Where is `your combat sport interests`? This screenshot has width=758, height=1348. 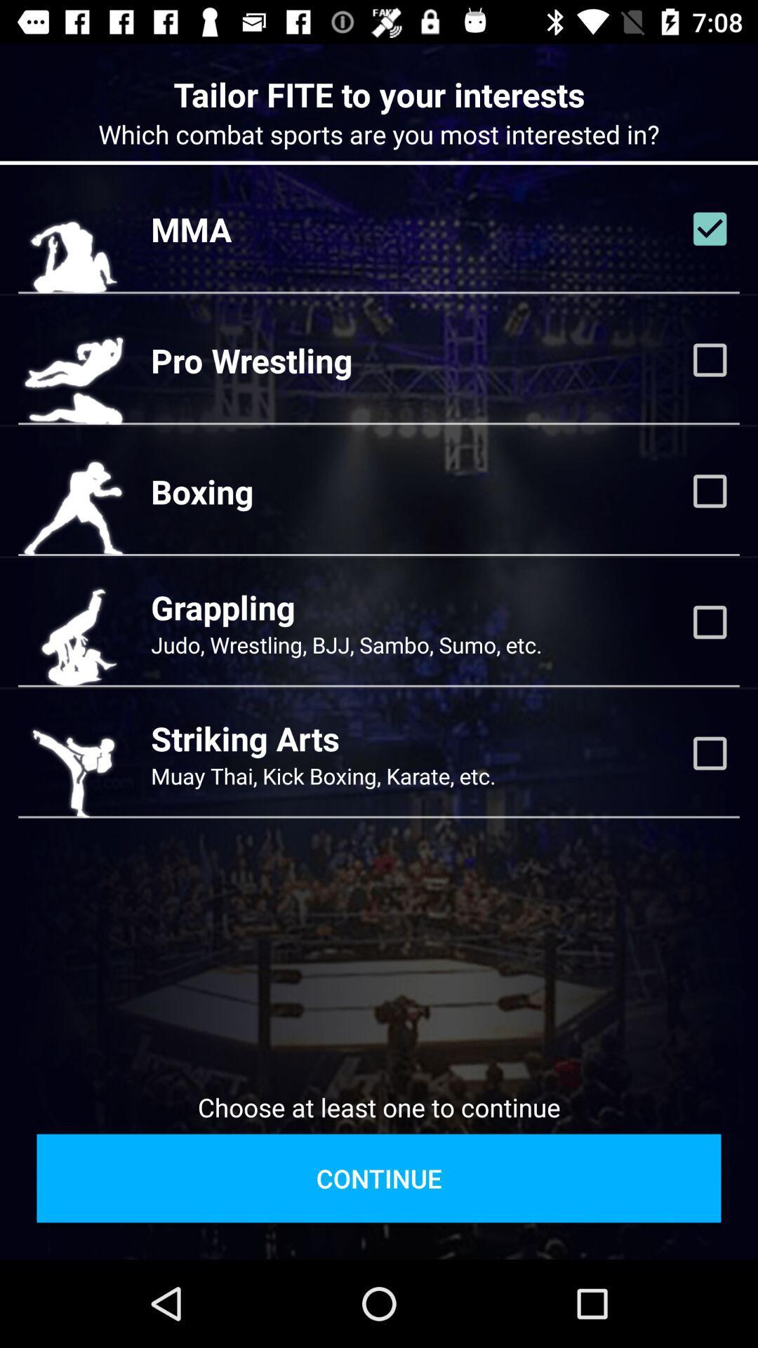
your combat sport interests is located at coordinates (710, 621).